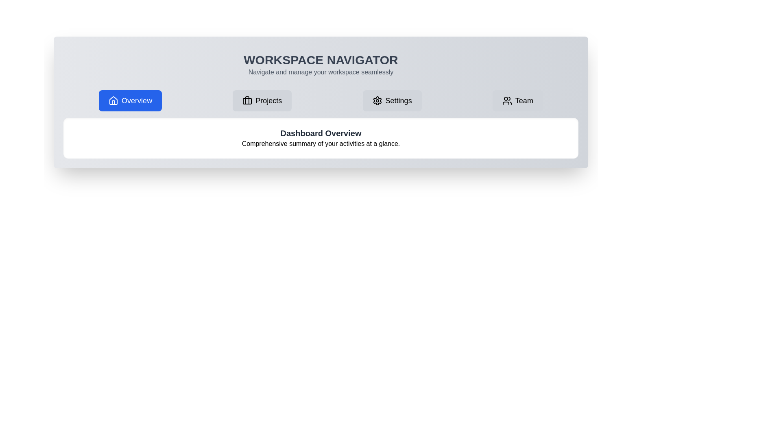  I want to click on the 'Settings' button located in the third position of the horizontal navigation bar within the 'Workspace Navigator' section, so click(392, 100).